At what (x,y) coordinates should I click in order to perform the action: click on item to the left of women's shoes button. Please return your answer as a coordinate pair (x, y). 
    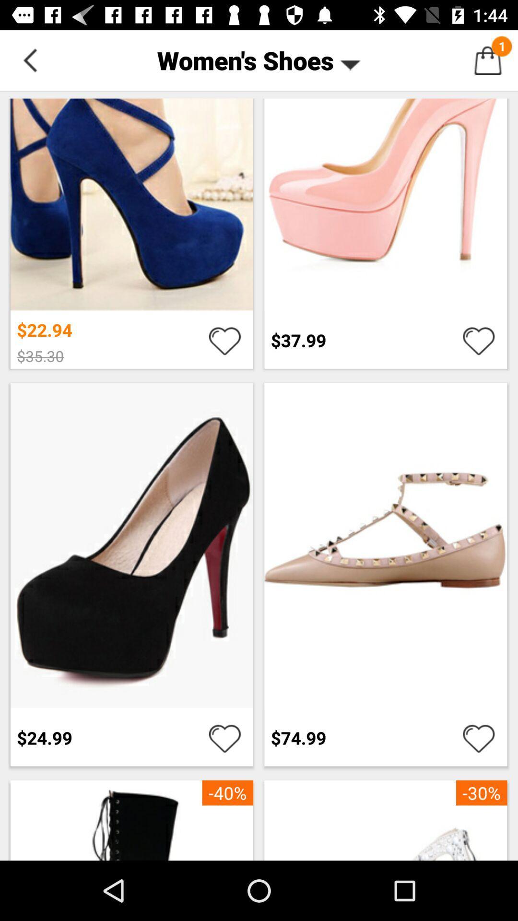
    Looking at the image, I should click on (29, 59).